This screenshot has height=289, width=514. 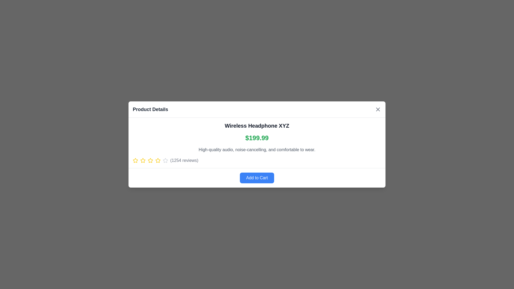 I want to click on the 'X' icon button in the top-right corner of the 'Product Details' modal dialog, so click(x=377, y=109).